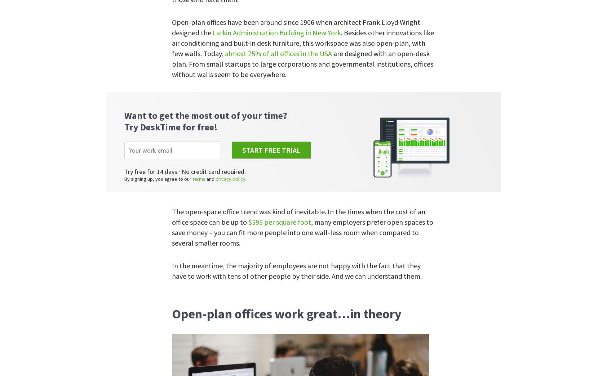  Describe the element at coordinates (349, 256) in the screenshot. I see `'Feature requests'` at that location.